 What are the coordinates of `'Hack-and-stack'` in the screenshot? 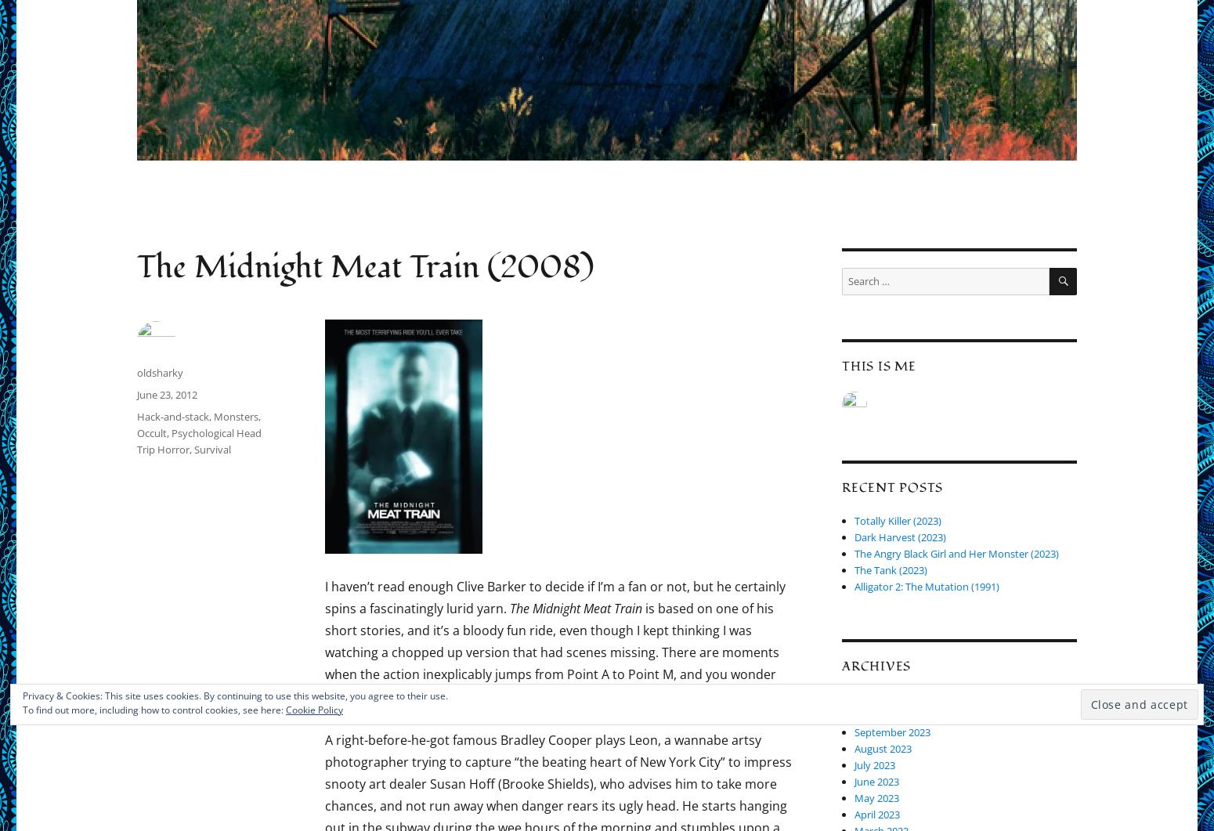 It's located at (172, 415).